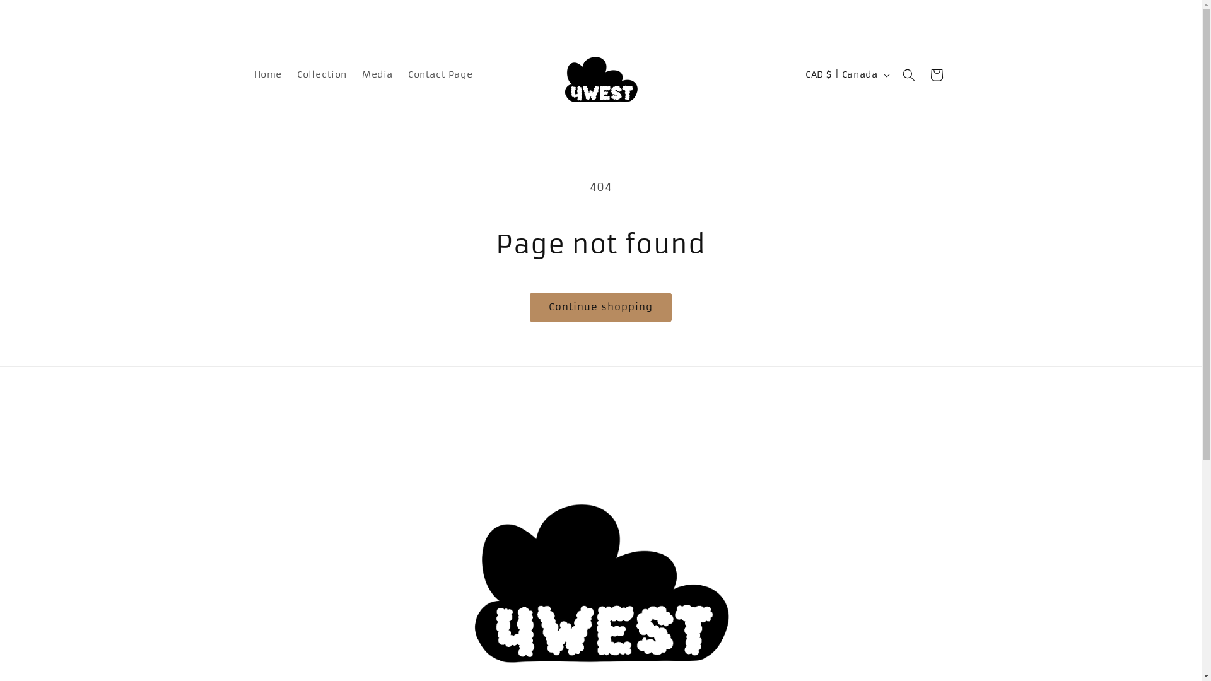 Image resolution: width=1211 pixels, height=681 pixels. Describe the element at coordinates (322, 74) in the screenshot. I see `'Collection'` at that location.